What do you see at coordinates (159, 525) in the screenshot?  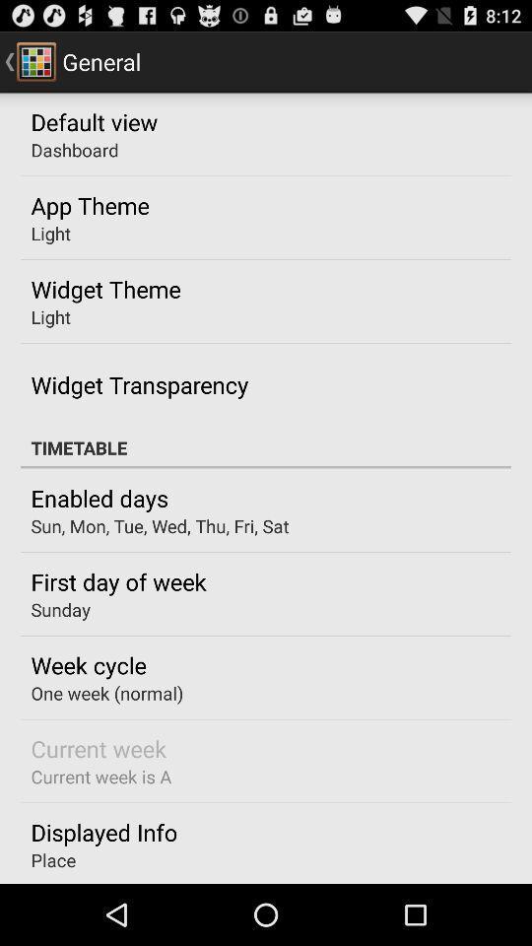 I see `item above the first day of item` at bounding box center [159, 525].